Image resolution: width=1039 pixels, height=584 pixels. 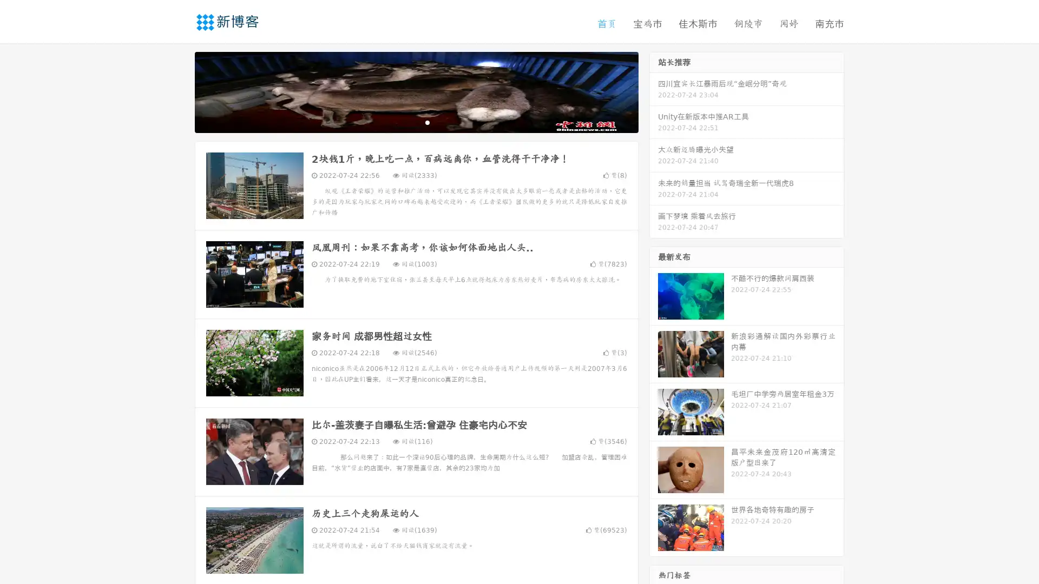 I want to click on Next slide, so click(x=654, y=91).